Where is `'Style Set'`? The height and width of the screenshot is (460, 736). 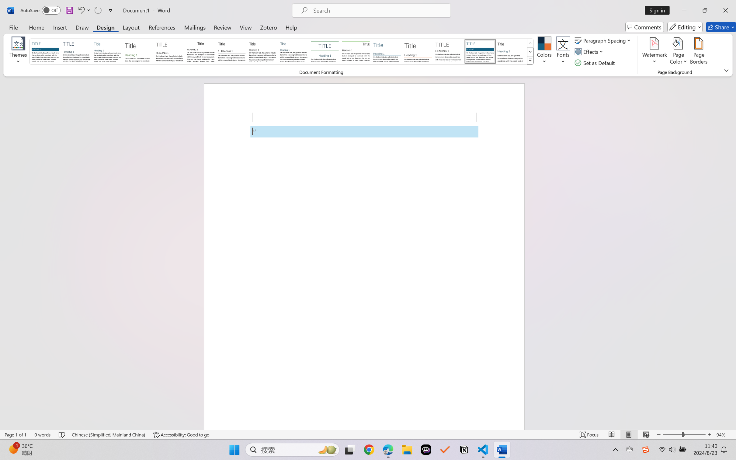 'Style Set' is located at coordinates (530, 60).